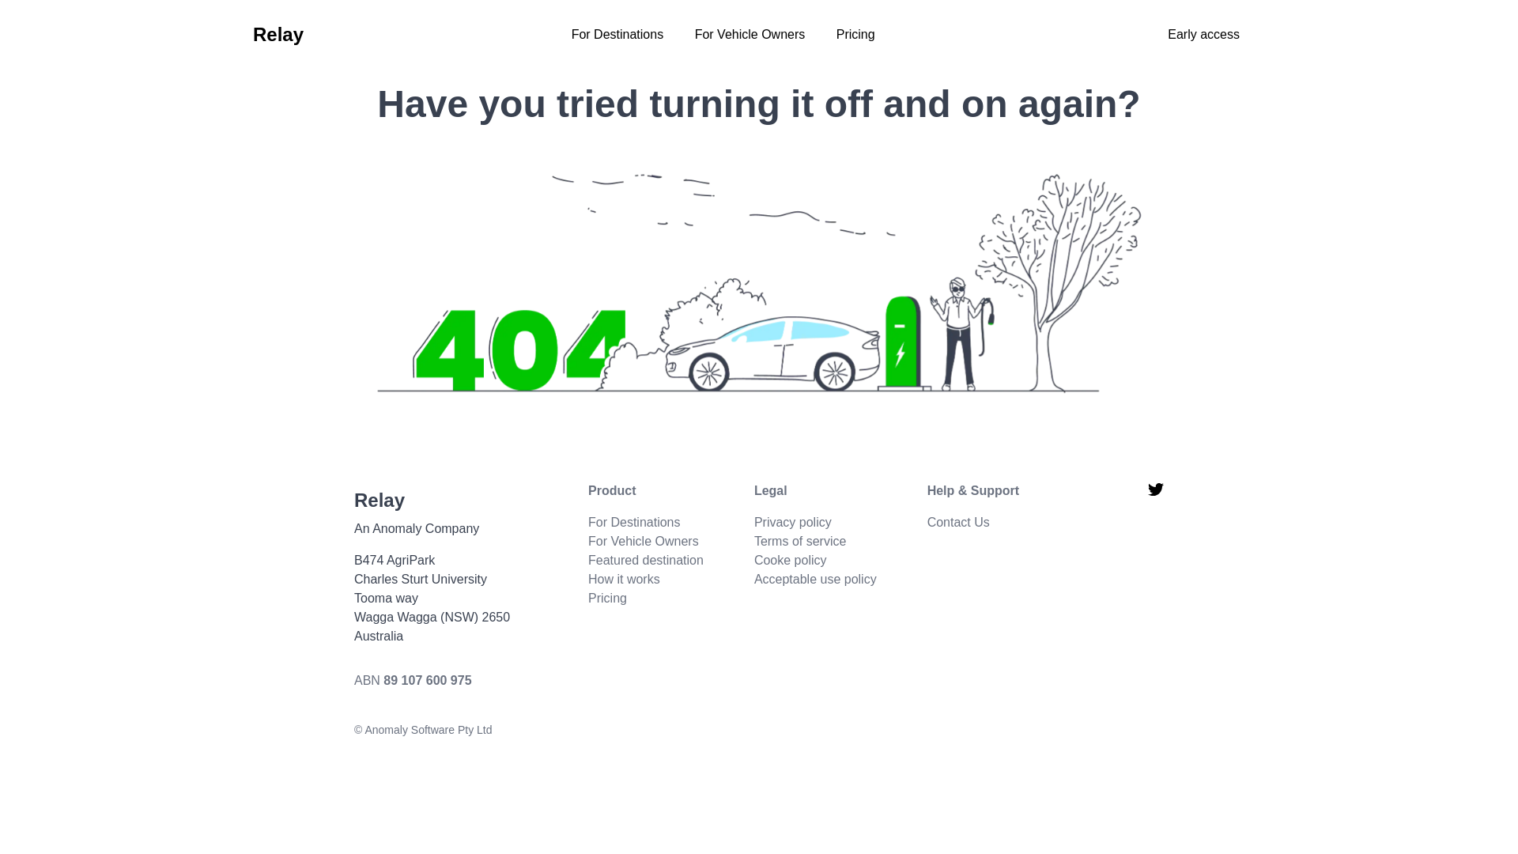 Image resolution: width=1518 pixels, height=854 pixels. I want to click on 'How it works', so click(623, 579).